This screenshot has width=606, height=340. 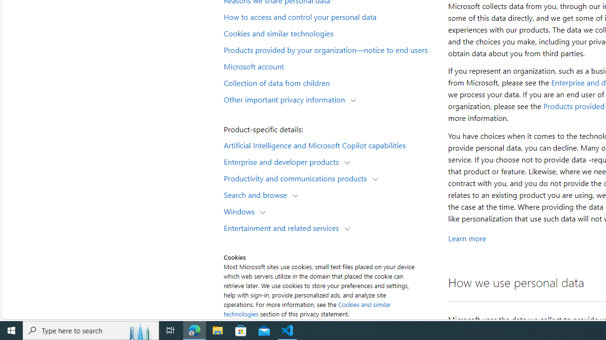 What do you see at coordinates (330, 144) in the screenshot?
I see `'Artificial Intelligence and Microsoft Copilot capabilities'` at bounding box center [330, 144].